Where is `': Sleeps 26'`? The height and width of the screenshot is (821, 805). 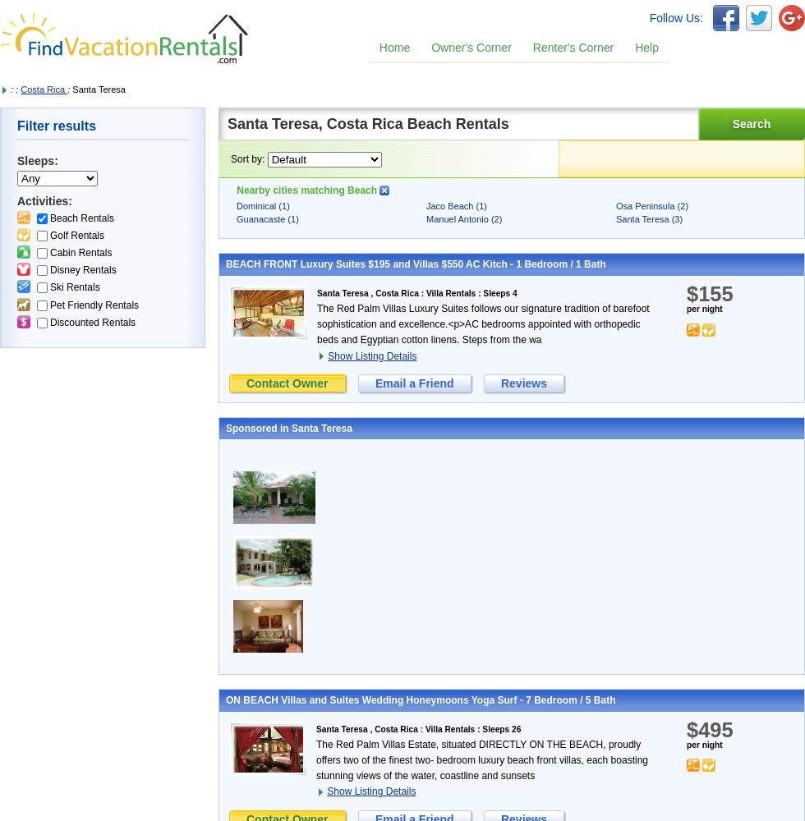
': Sleeps 26' is located at coordinates (475, 728).